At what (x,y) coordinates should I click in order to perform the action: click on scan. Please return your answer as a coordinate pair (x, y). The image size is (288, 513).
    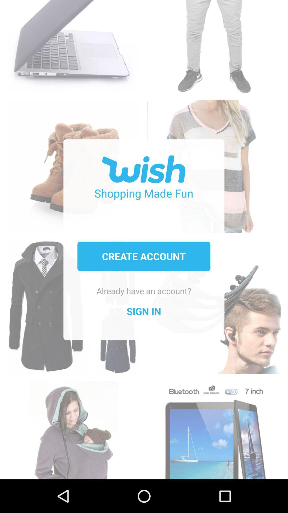
    Looking at the image, I should click on (214, 427).